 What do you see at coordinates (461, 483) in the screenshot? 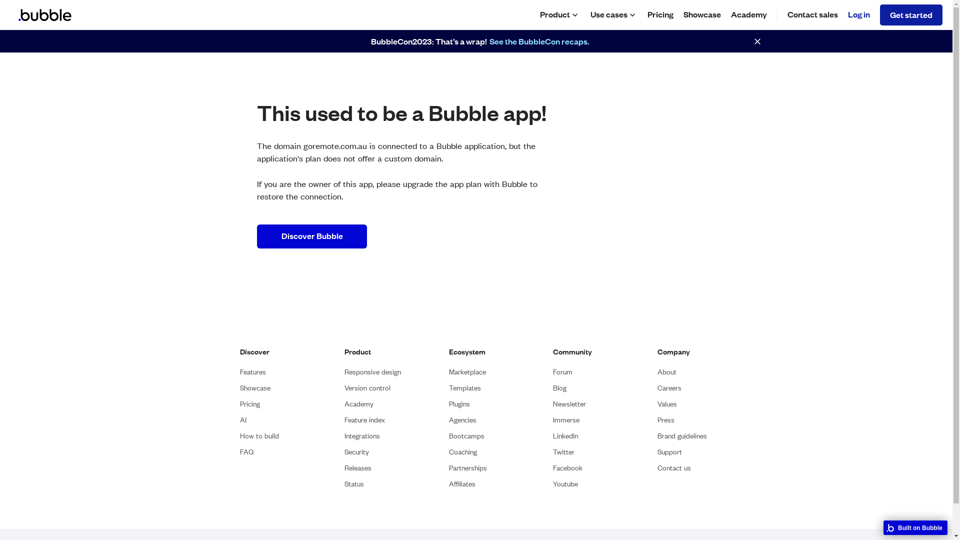
I see `'Affiliates'` at bounding box center [461, 483].